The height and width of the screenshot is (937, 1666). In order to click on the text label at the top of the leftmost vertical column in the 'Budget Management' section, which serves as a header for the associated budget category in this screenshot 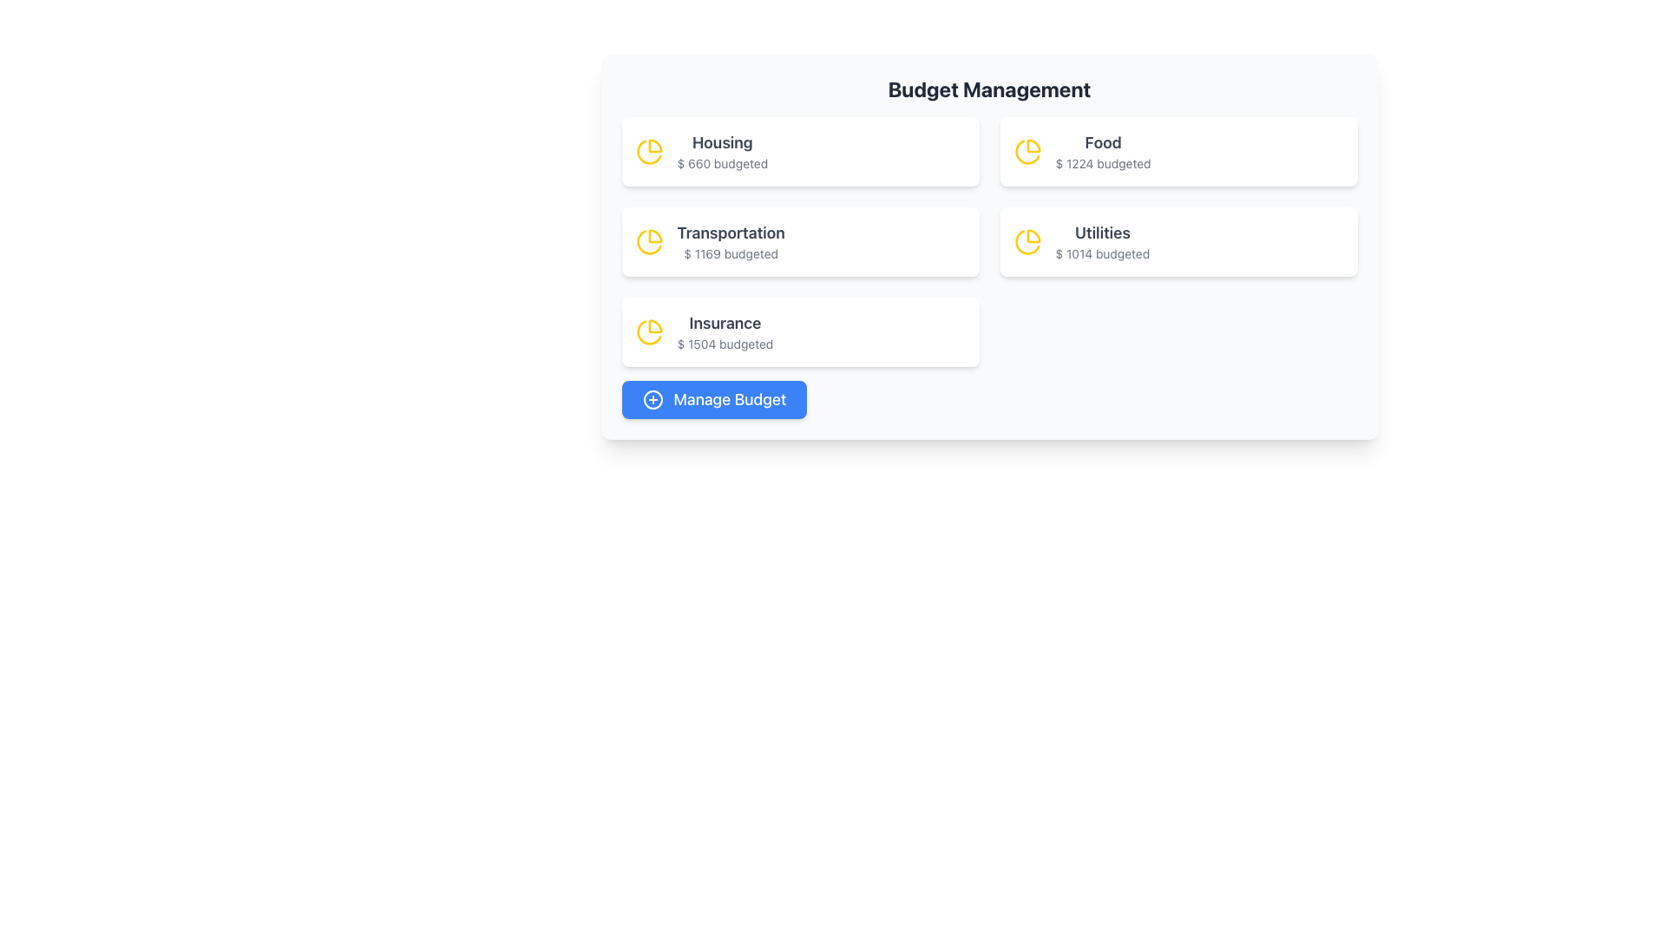, I will do `click(722, 142)`.